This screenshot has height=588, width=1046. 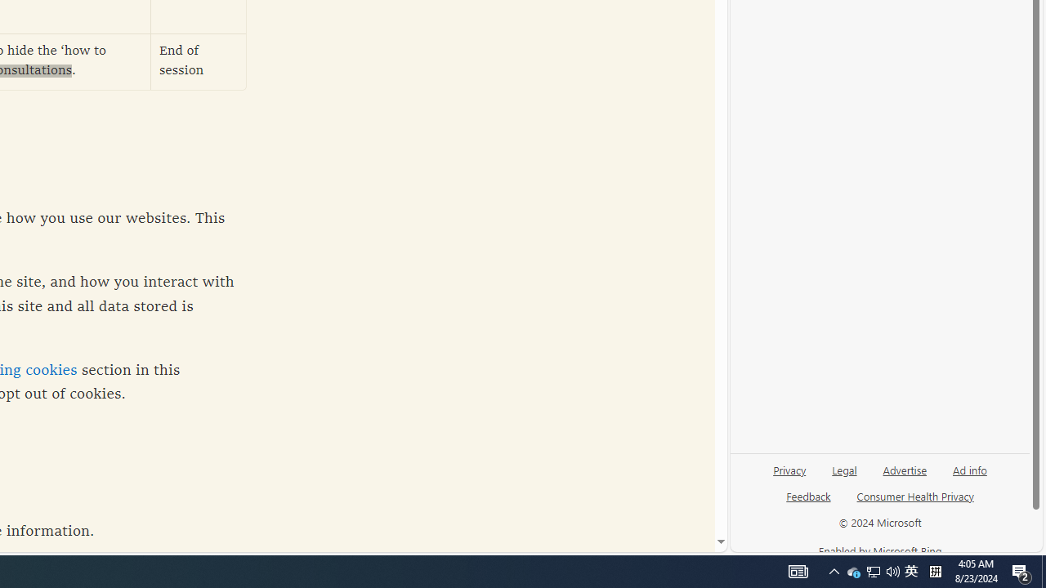 I want to click on 'Advertise', so click(x=904, y=469).